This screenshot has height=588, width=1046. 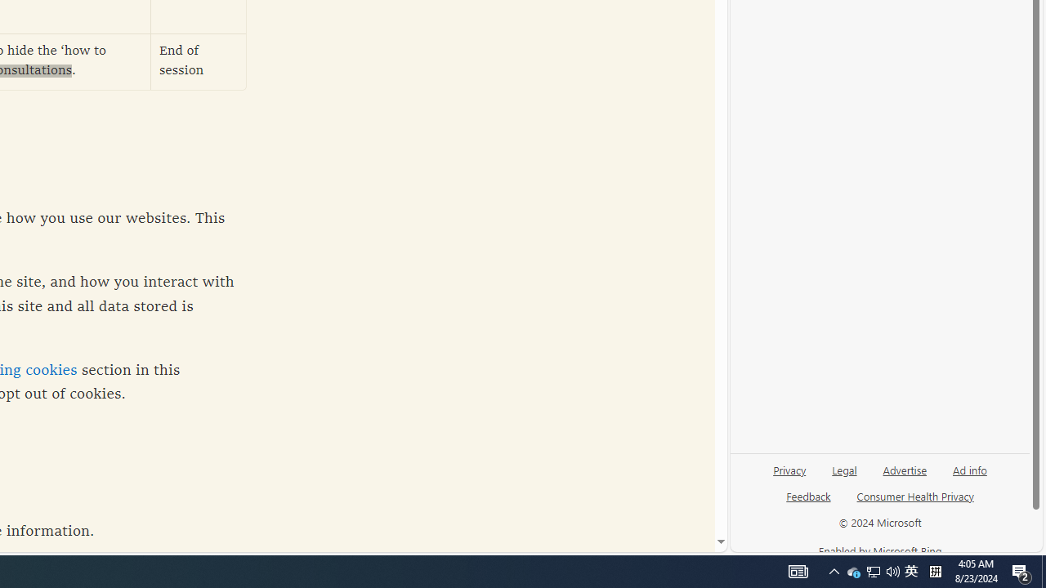 I want to click on 'Advertise', so click(x=904, y=469).